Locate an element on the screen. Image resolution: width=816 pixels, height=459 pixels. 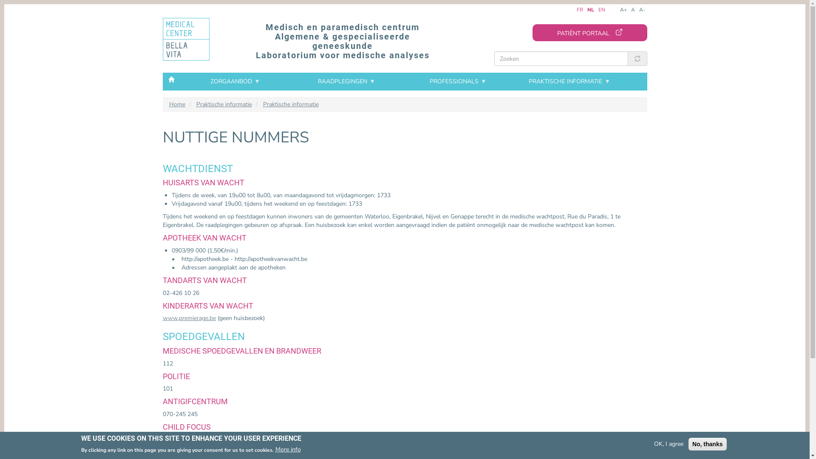
'No, thanks' is located at coordinates (708, 444).